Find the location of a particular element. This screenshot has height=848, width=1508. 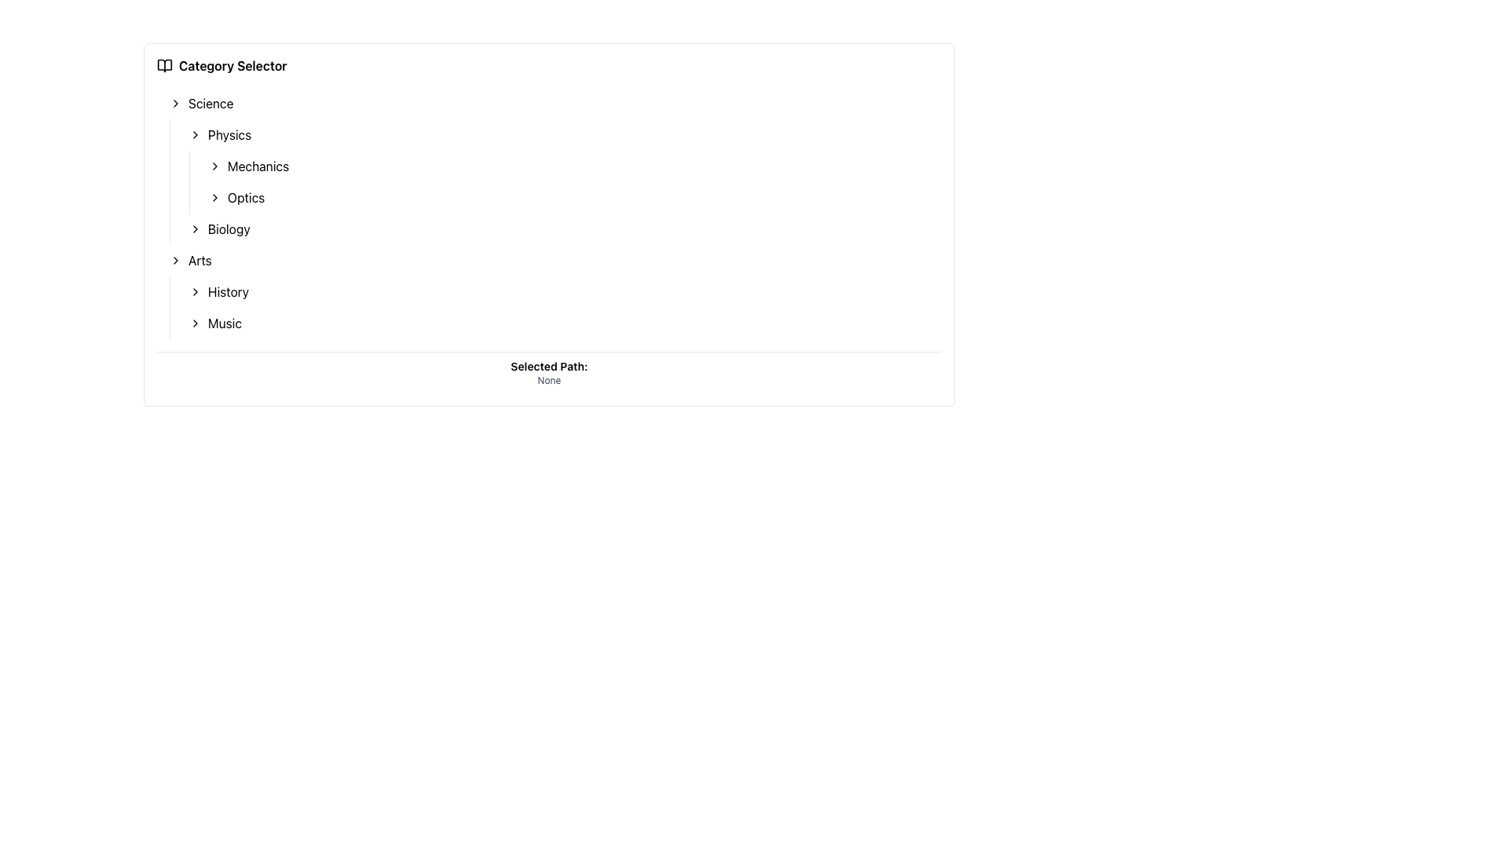

the Chevron icon is located at coordinates (195, 323).